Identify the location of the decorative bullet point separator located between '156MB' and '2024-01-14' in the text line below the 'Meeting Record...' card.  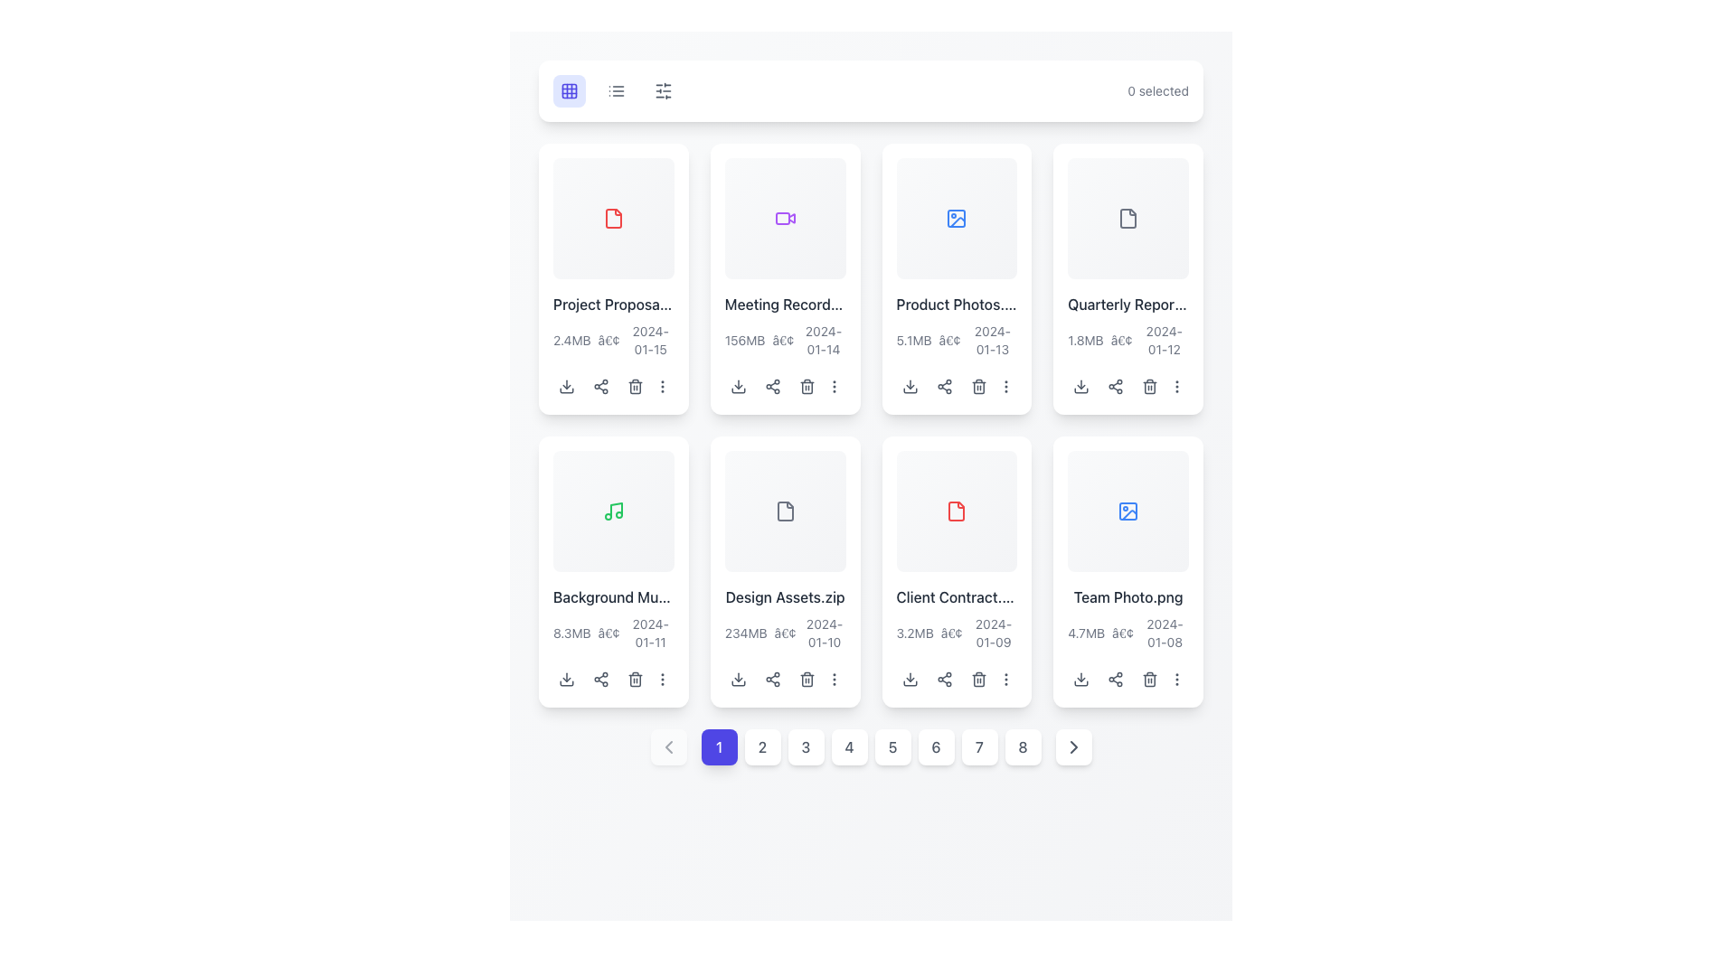
(783, 340).